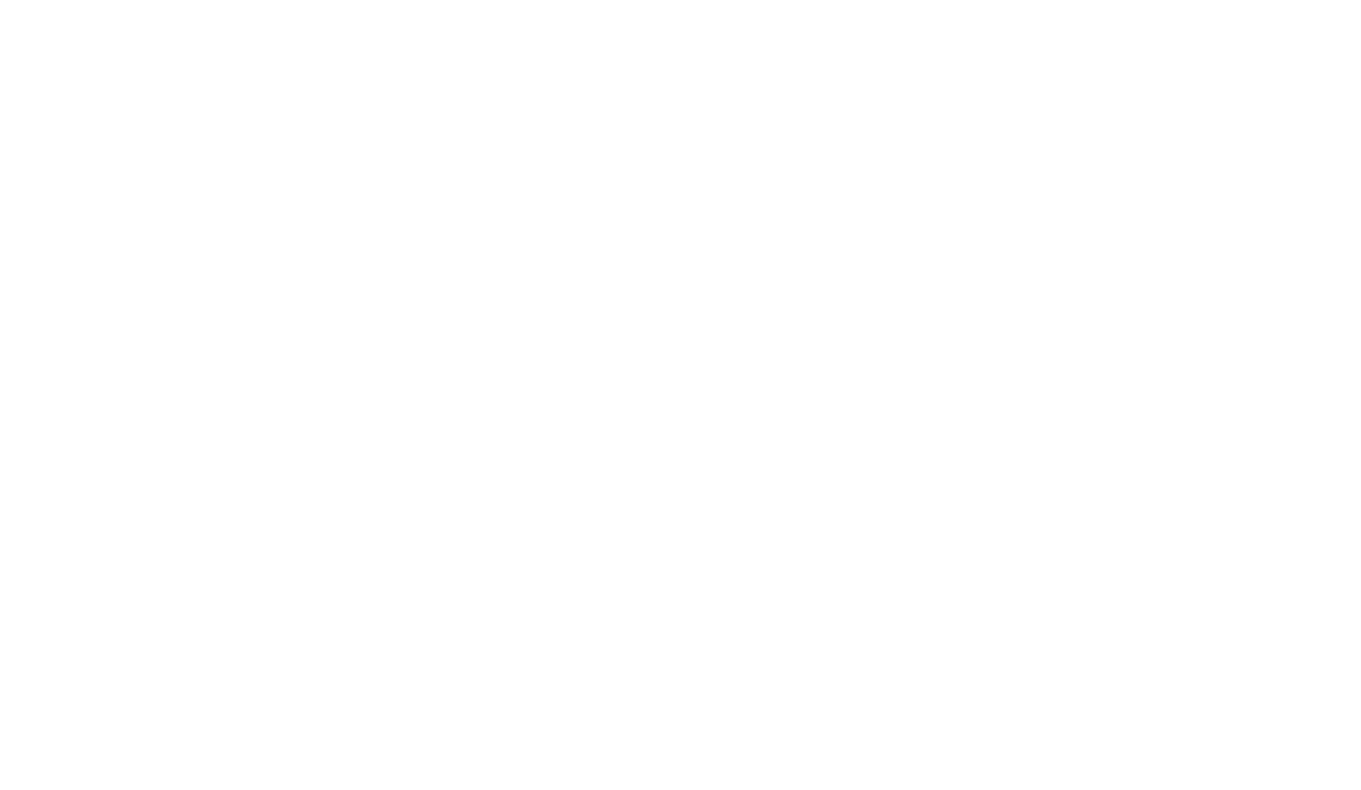  Describe the element at coordinates (680, 520) in the screenshot. I see `'Cascais'` at that location.